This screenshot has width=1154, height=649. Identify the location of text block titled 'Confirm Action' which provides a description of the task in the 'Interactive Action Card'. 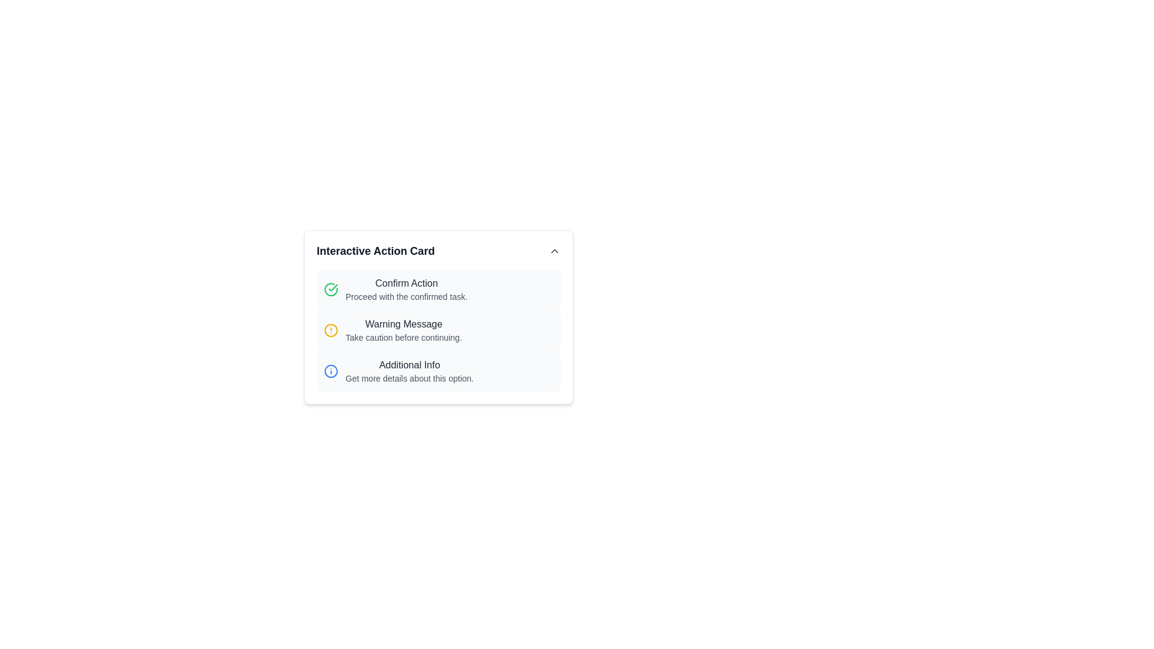
(406, 290).